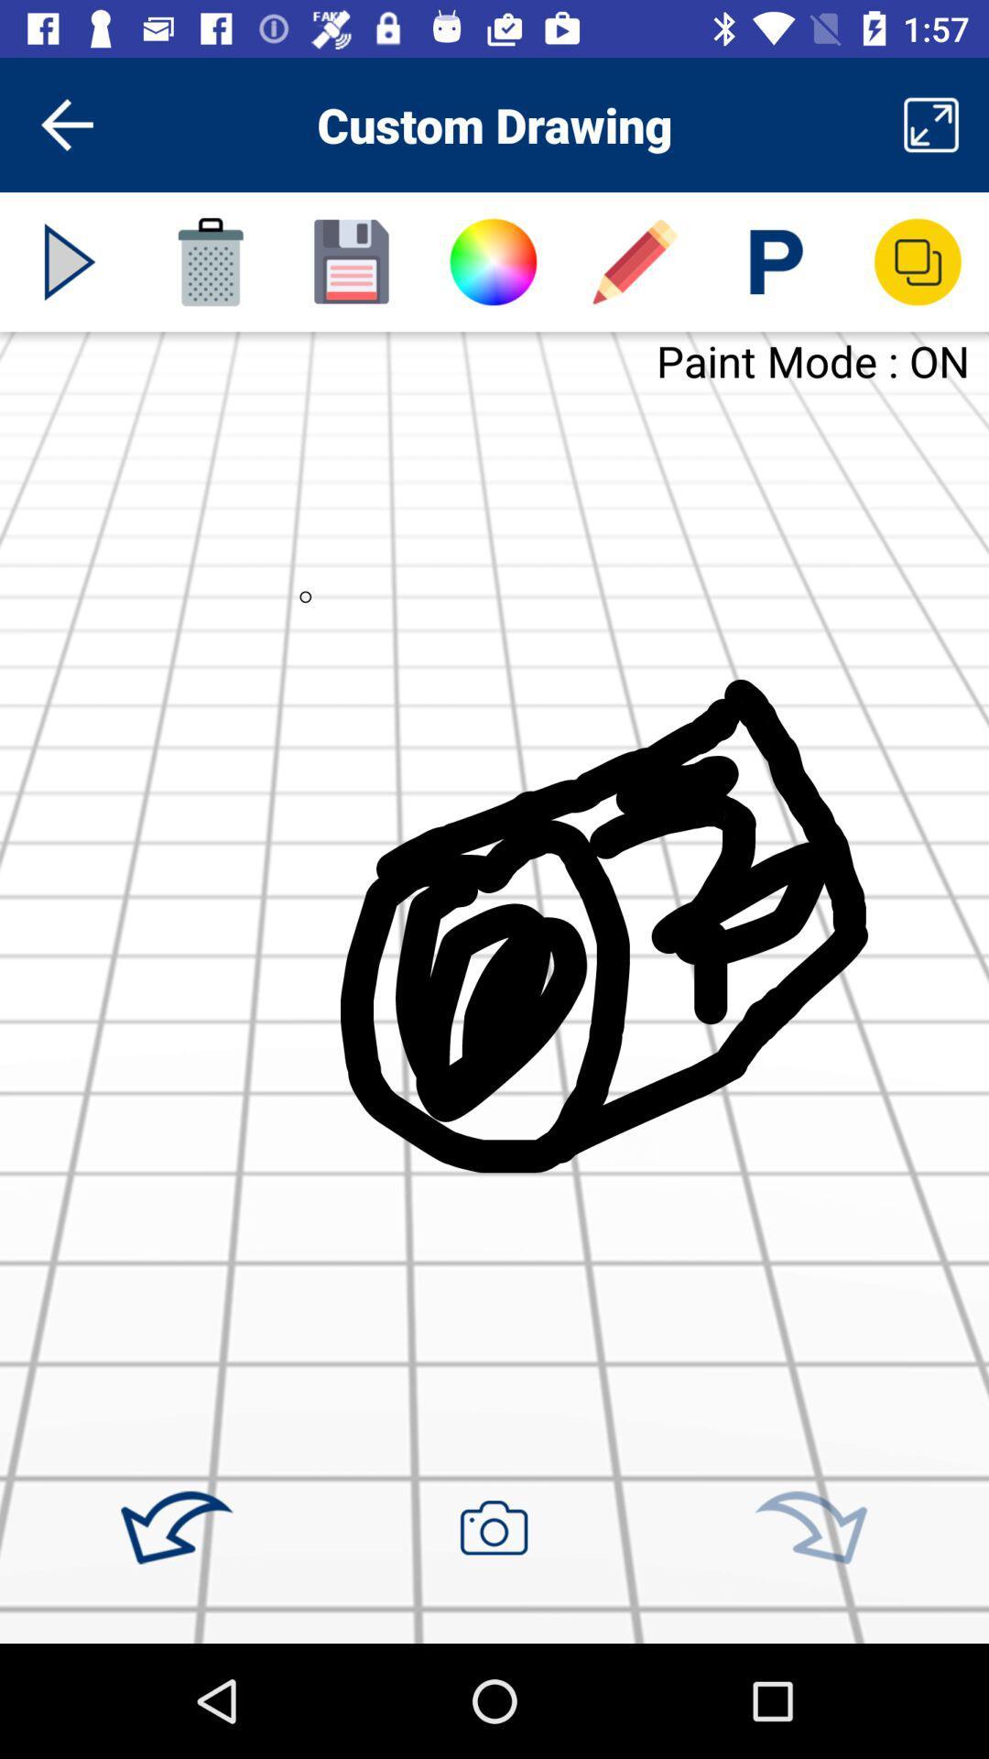  What do you see at coordinates (493, 1527) in the screenshot?
I see `the photo icon` at bounding box center [493, 1527].